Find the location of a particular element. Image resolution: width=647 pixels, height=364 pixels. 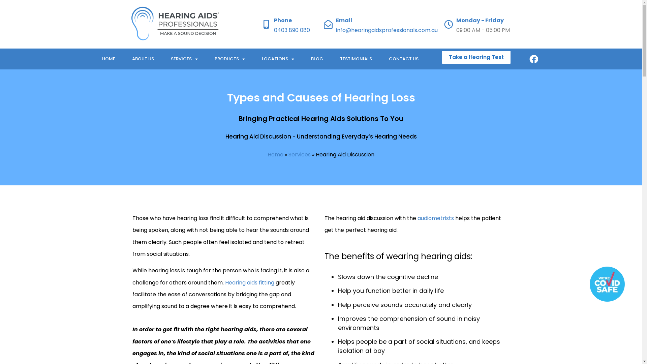

'info@hearingaidsprofessionals.com.au' is located at coordinates (387, 30).